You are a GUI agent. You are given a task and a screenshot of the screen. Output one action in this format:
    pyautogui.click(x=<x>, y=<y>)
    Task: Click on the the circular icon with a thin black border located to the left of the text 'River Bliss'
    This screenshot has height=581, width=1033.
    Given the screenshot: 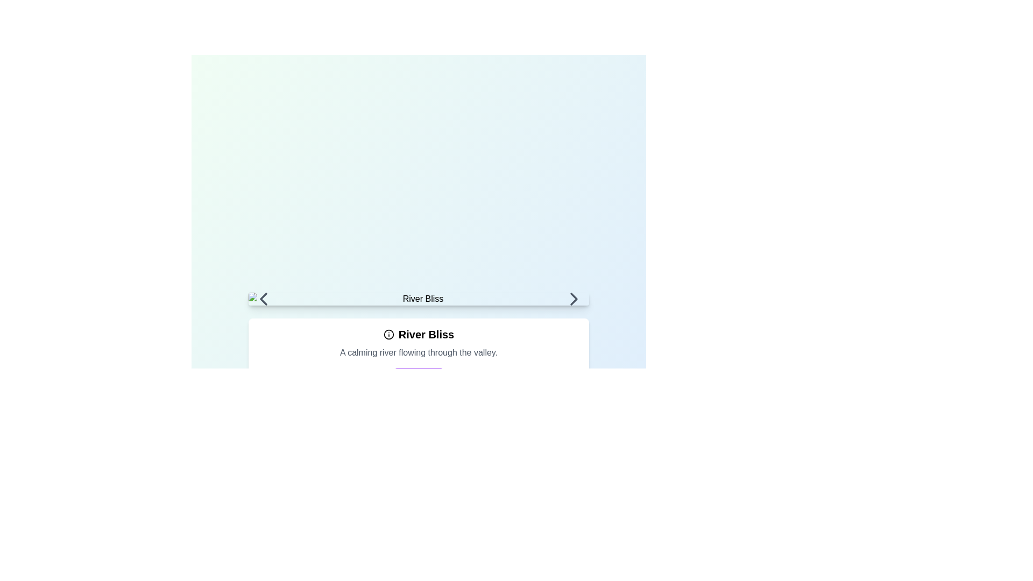 What is the action you would take?
    pyautogui.click(x=388, y=334)
    